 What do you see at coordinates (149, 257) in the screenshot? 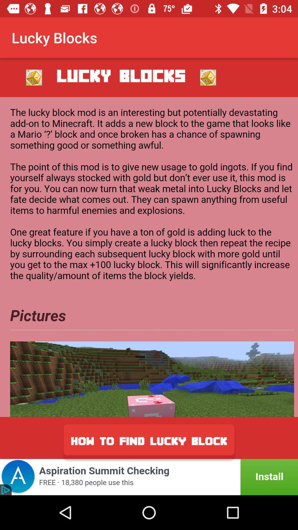
I see `show information` at bounding box center [149, 257].